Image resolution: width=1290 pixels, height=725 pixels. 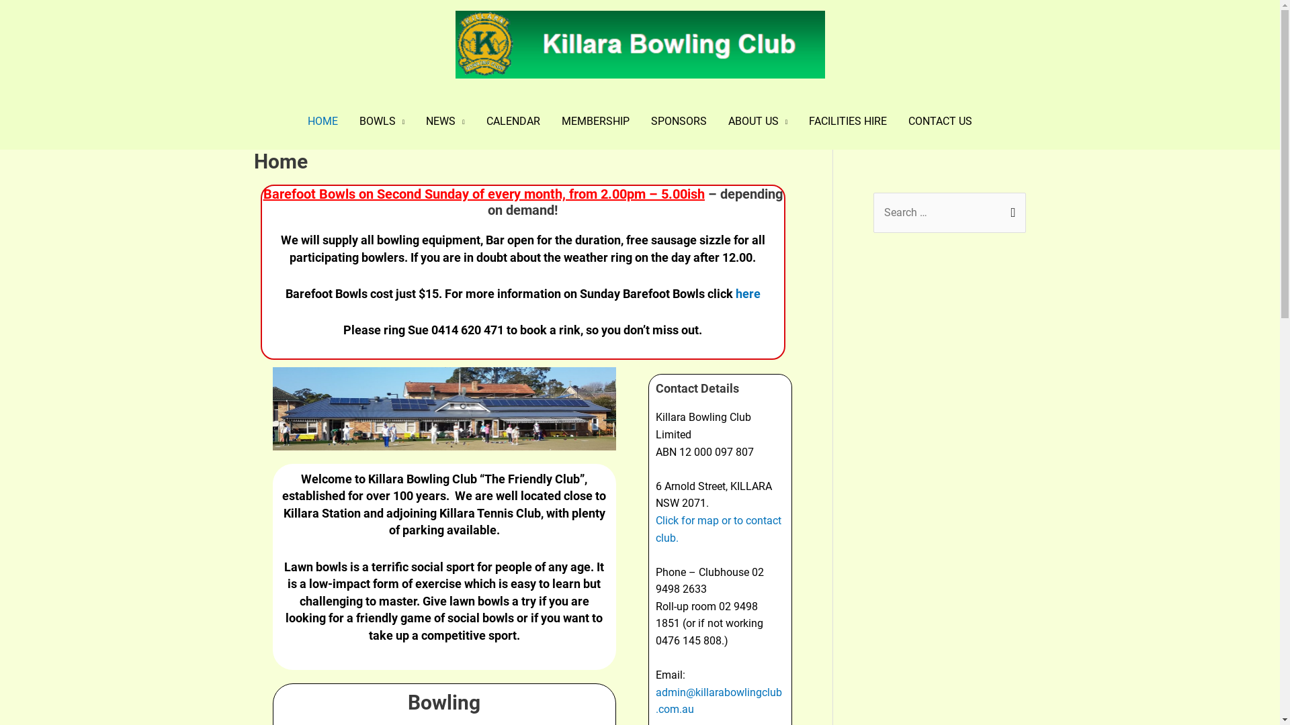 I want to click on 'CALENDAR', so click(x=512, y=122).